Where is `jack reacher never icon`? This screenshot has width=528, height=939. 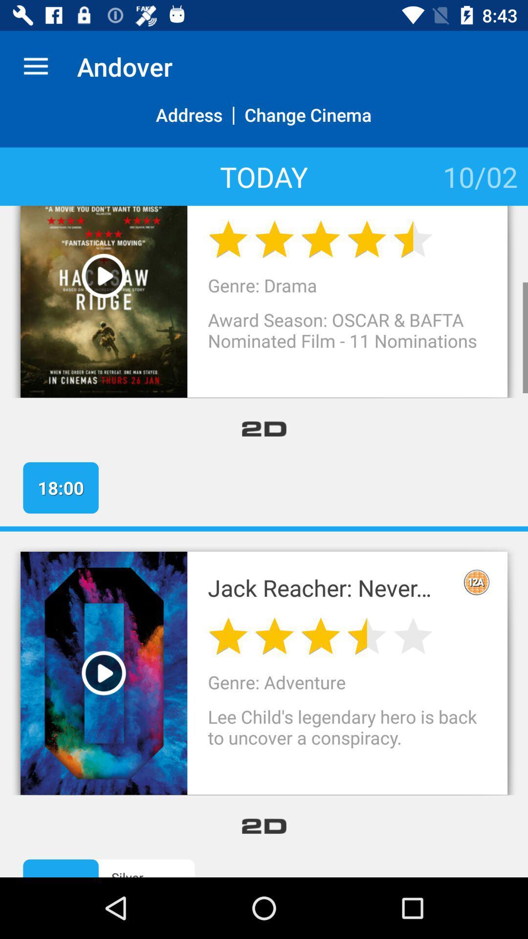 jack reacher never icon is located at coordinates (329, 587).